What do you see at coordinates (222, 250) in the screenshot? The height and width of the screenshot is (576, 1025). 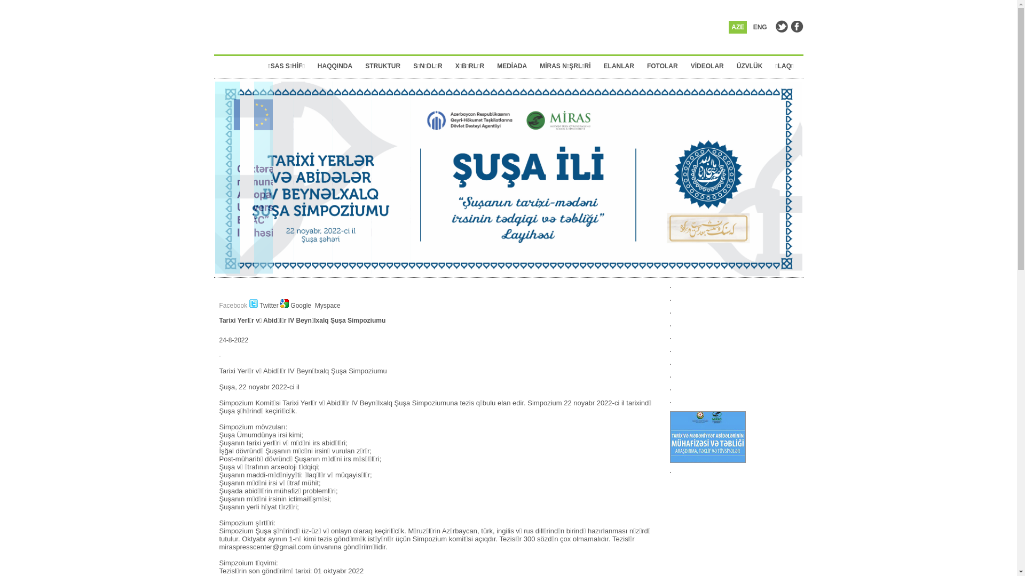 I see `'Prev'` at bounding box center [222, 250].